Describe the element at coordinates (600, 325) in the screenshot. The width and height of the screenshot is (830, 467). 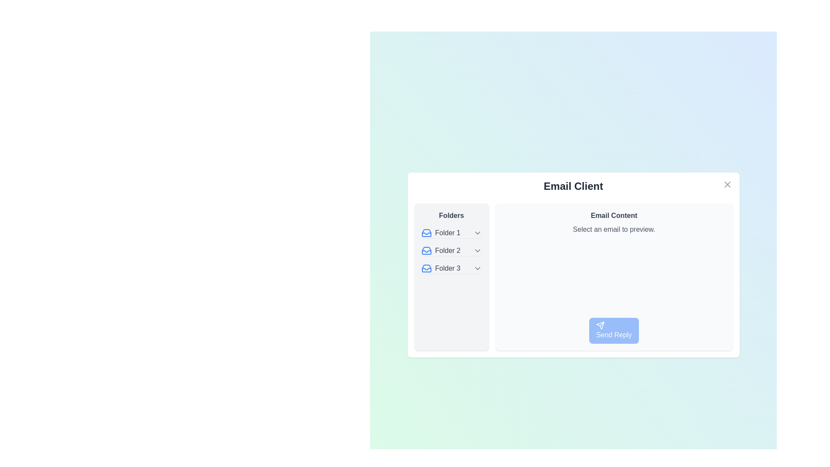
I see `the small triangular send icon located near the bottom-center of the email client interface, above the 'Send Reply' text label` at that location.